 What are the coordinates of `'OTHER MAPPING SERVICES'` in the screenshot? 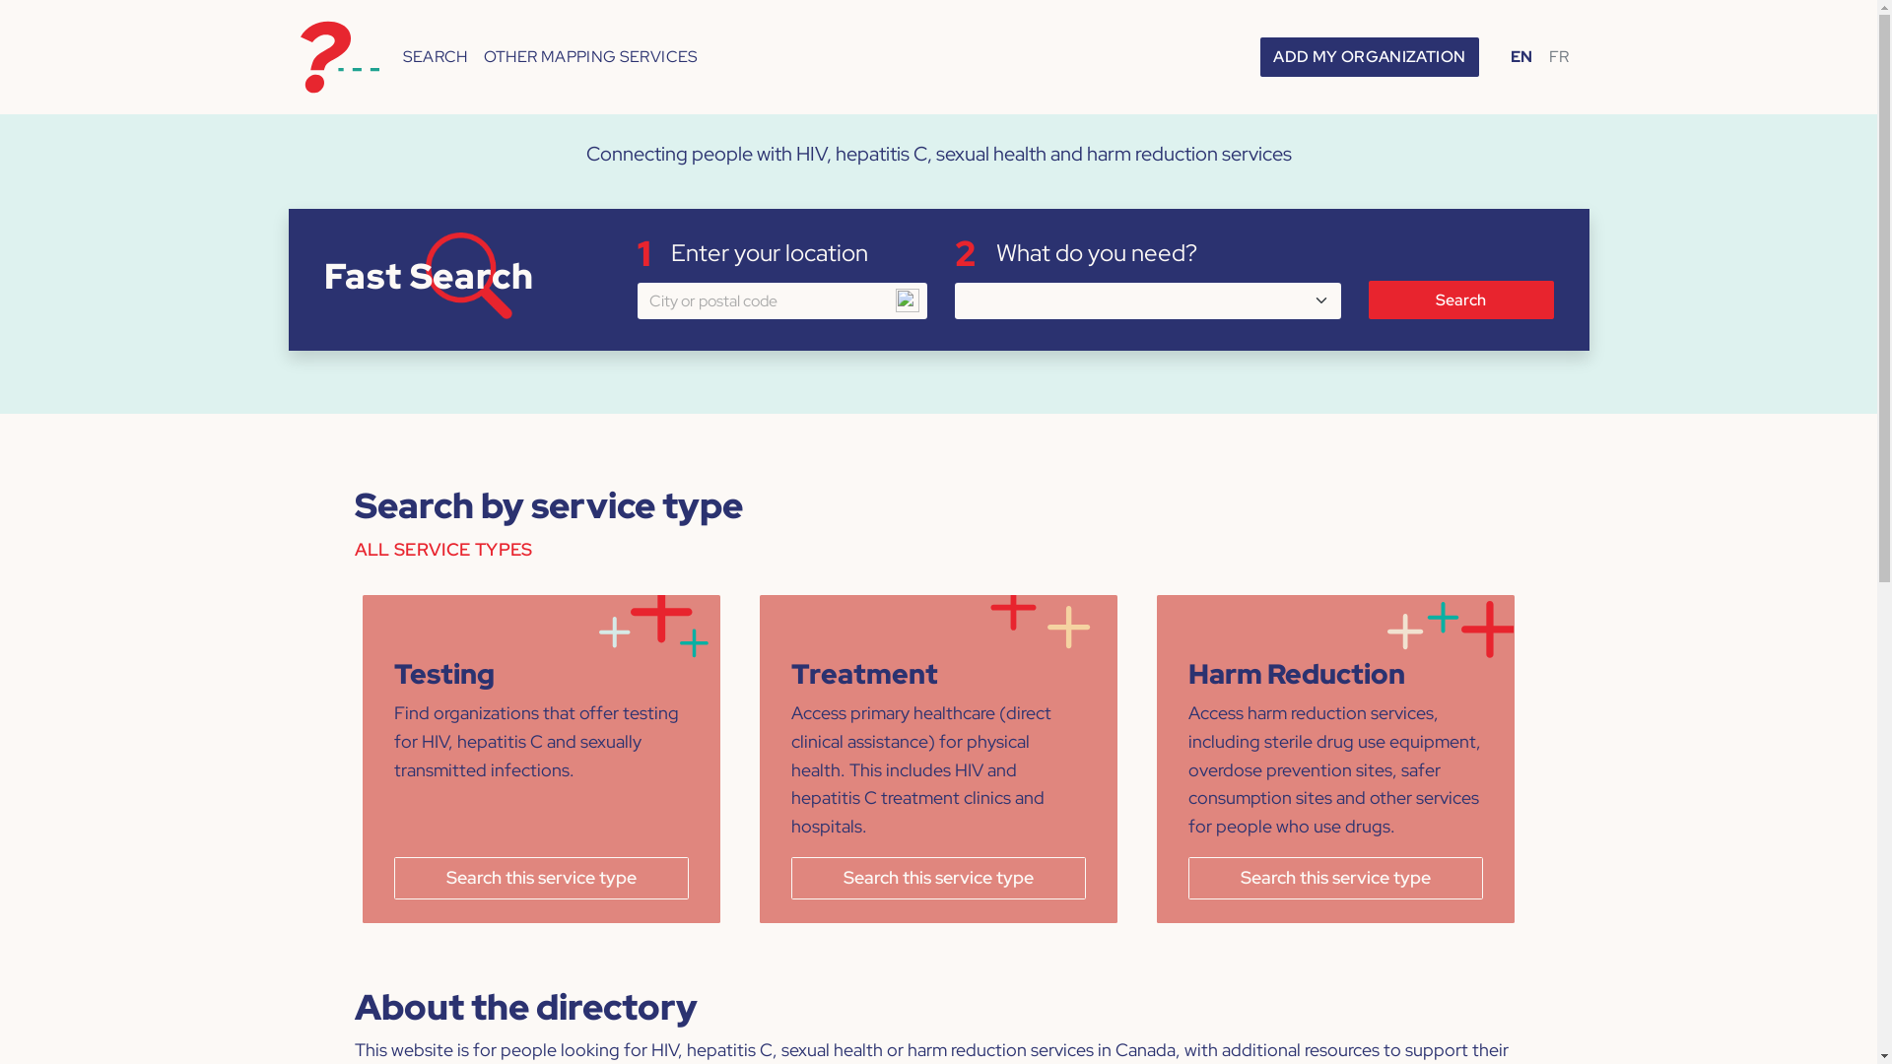 It's located at (476, 55).